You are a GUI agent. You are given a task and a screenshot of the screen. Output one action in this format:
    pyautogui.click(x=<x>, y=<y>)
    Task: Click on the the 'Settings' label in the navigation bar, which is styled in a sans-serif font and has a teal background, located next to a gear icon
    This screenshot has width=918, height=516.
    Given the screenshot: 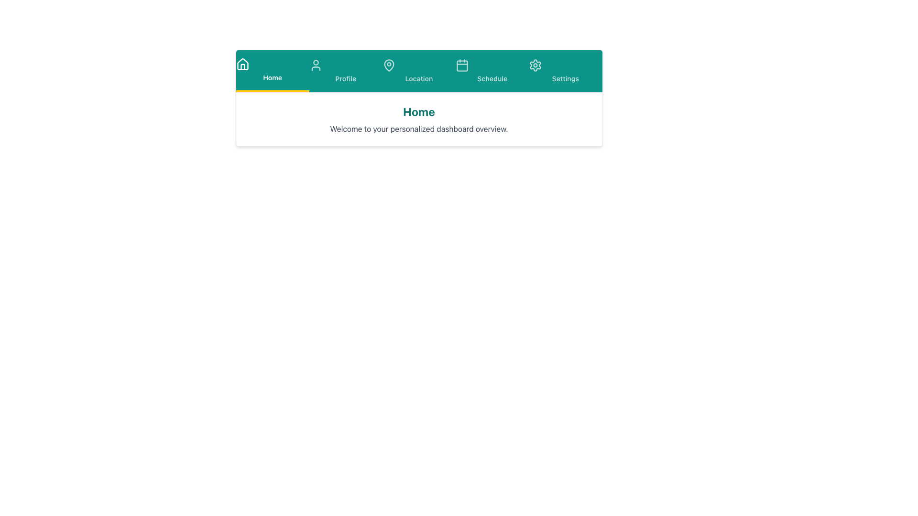 What is the action you would take?
    pyautogui.click(x=565, y=78)
    